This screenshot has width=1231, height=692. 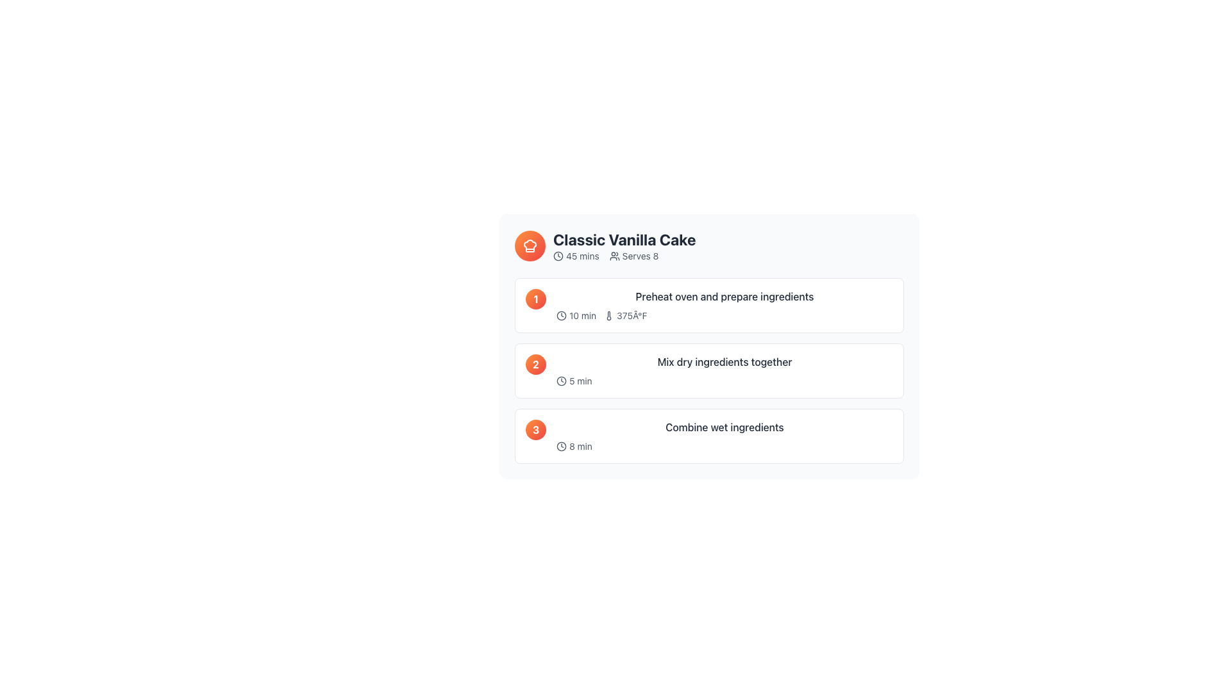 I want to click on the temperature icon that visually indicates the temperature in the recipe interface, associated with the 'Preheat oven and prepare ingredients' step, so click(x=608, y=316).